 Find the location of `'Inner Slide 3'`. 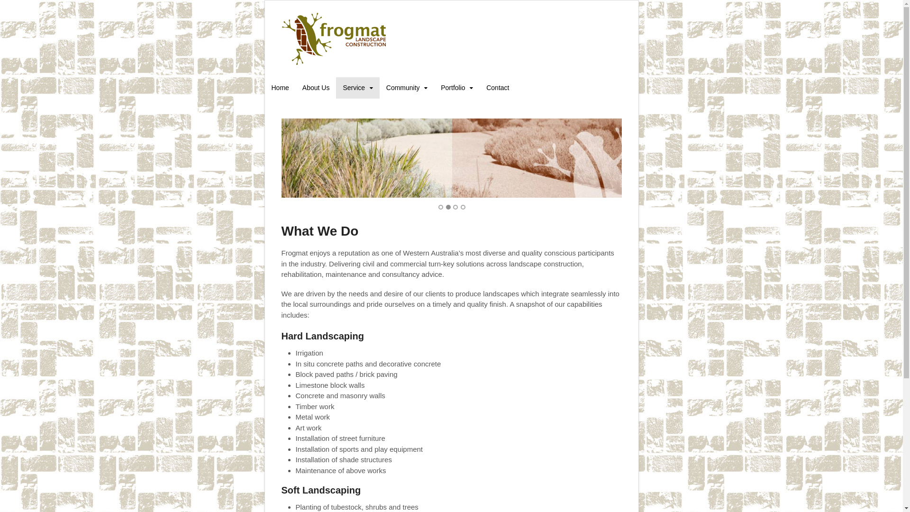

'Inner Slide 3' is located at coordinates (281, 157).